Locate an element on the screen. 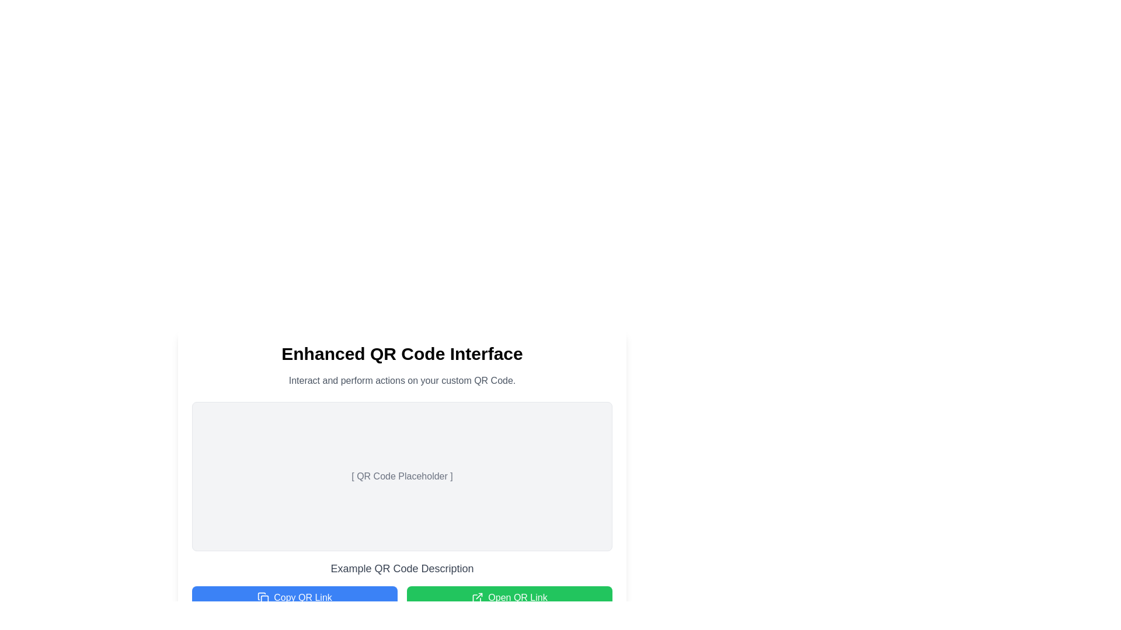  the button with a green background and white text that reads 'Open QR Link', located in the second position of a two-column grid below the '[ QR Code Placeholder ]' is located at coordinates (510, 598).